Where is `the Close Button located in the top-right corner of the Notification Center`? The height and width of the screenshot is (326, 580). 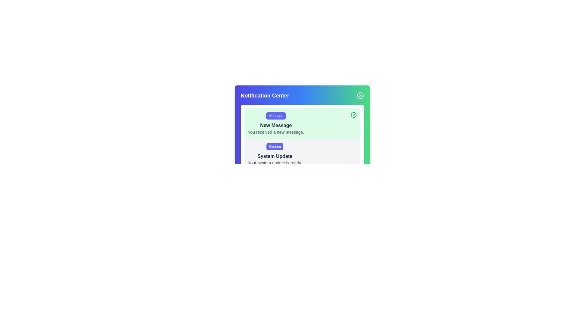
the Close Button located in the top-right corner of the Notification Center is located at coordinates (360, 95).